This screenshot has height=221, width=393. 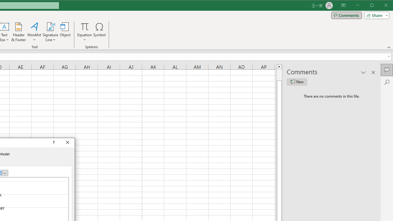 I want to click on 'Symbol...', so click(x=99, y=32).